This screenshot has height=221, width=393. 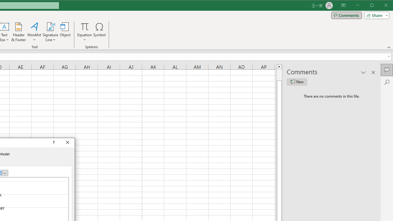 I want to click on 'Symbol...', so click(x=99, y=32).